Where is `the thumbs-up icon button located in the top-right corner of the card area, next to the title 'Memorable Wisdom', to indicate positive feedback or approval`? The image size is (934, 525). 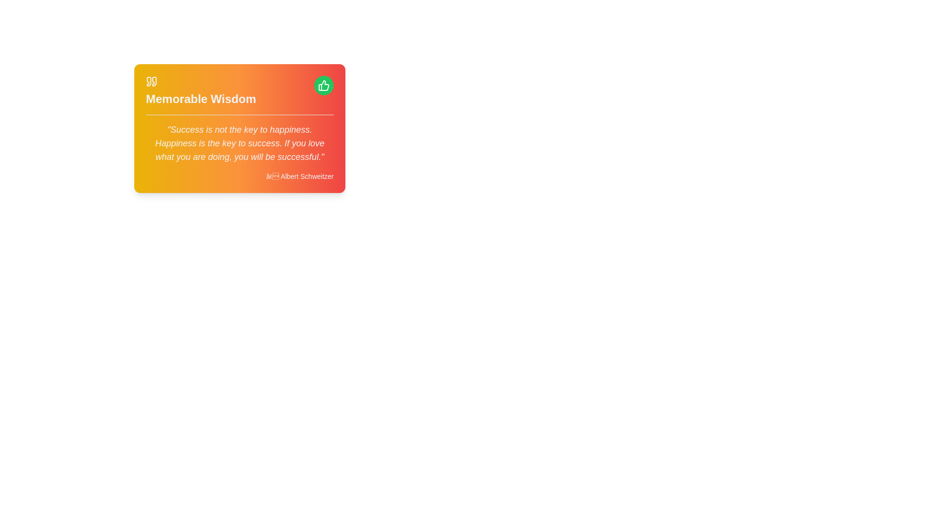
the thumbs-up icon button located in the top-right corner of the card area, next to the title 'Memorable Wisdom', to indicate positive feedback or approval is located at coordinates (324, 85).